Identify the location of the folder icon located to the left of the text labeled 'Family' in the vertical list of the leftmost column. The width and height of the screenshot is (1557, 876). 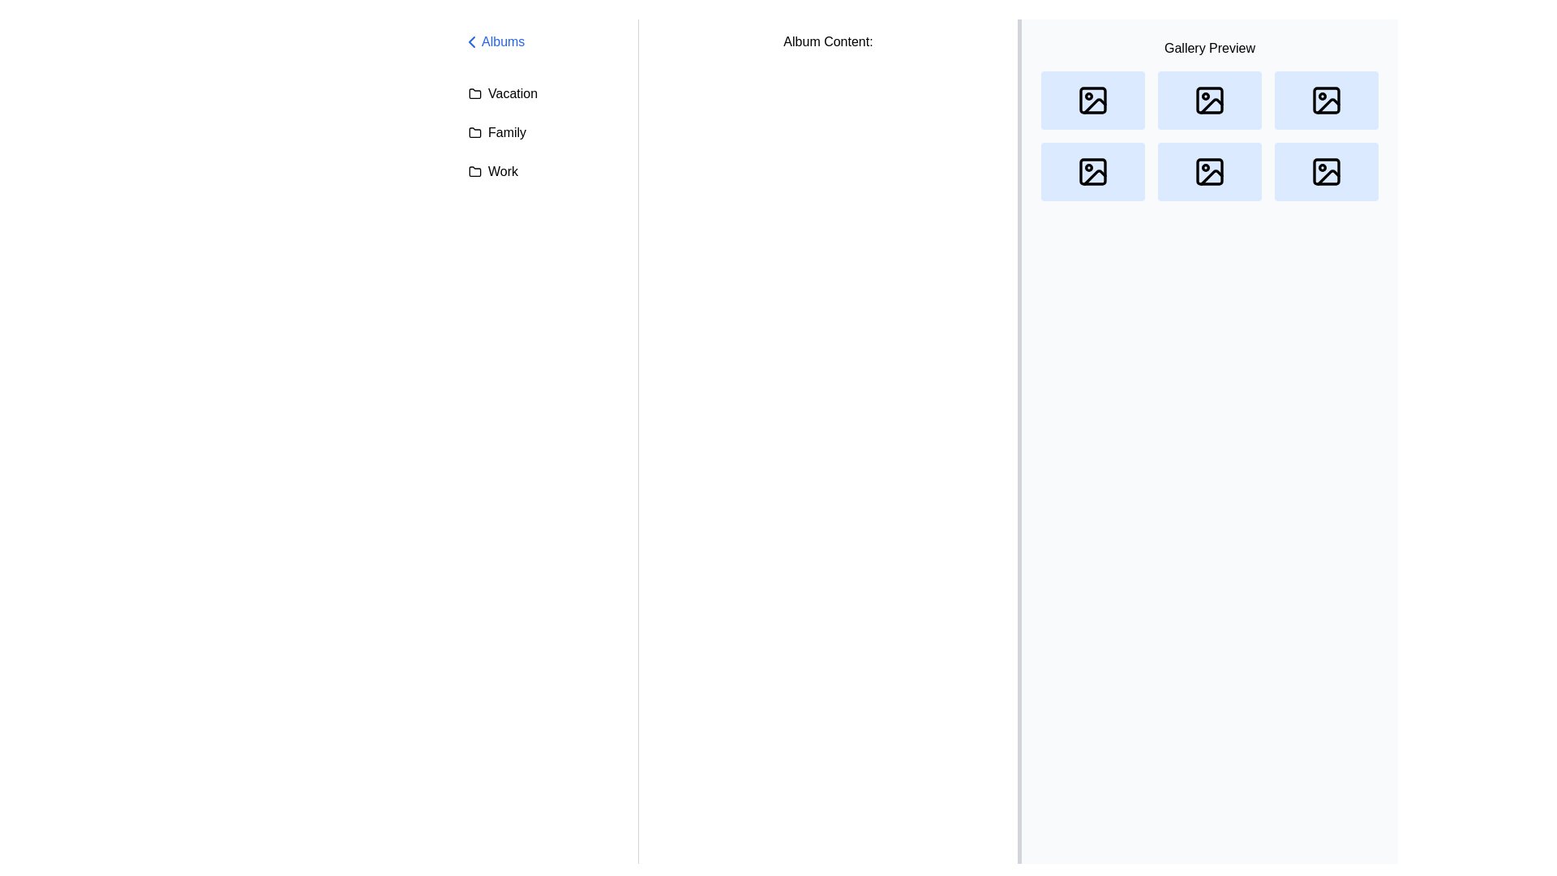
(474, 132).